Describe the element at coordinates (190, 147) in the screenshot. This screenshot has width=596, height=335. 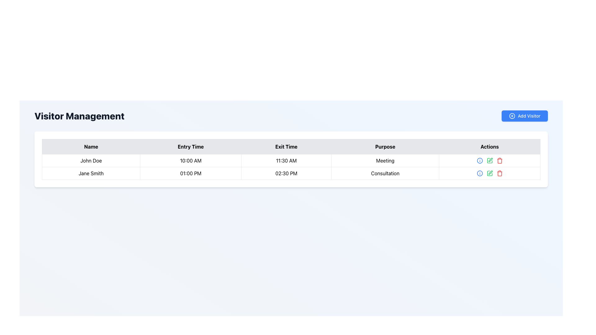
I see `the 'Entry Time' column header in the table, which is the second column header located between 'Name' and 'Exit Time'` at that location.